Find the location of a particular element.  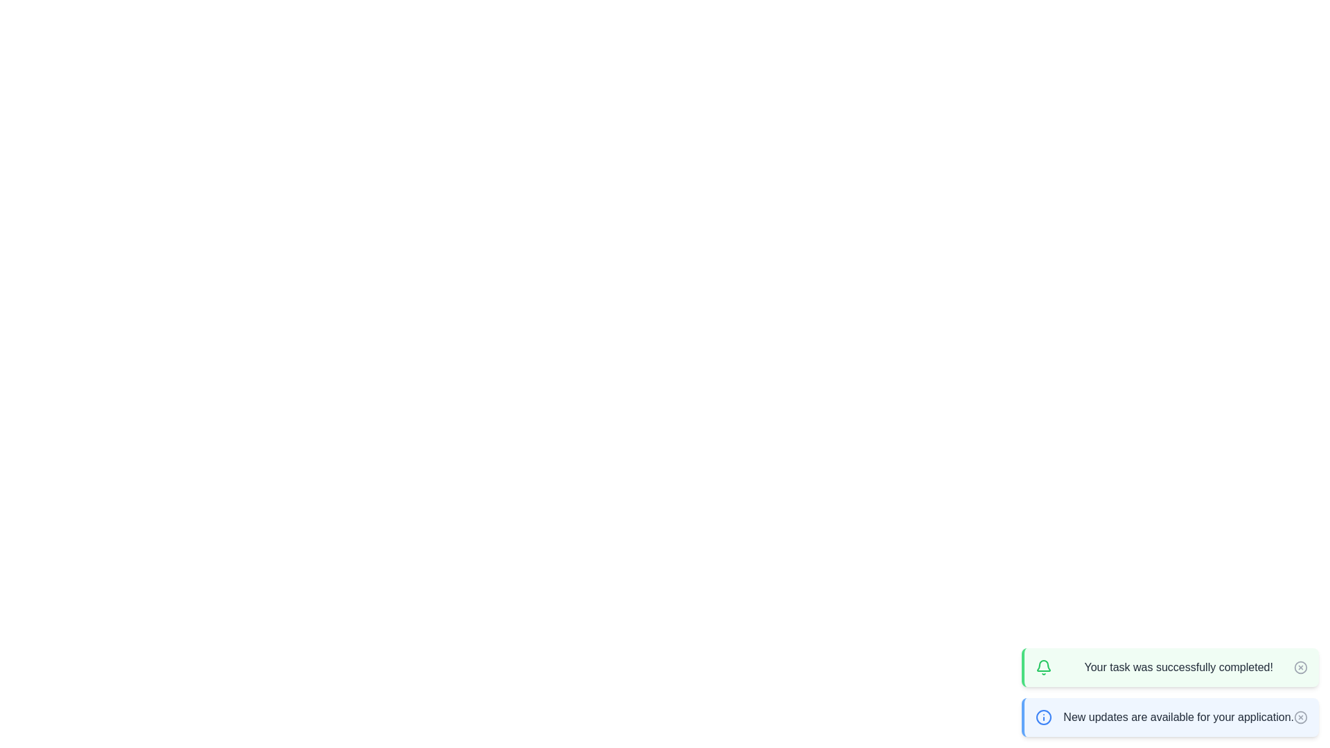

the notification with message 'Your task was successfully completed!' is located at coordinates (1169, 667).